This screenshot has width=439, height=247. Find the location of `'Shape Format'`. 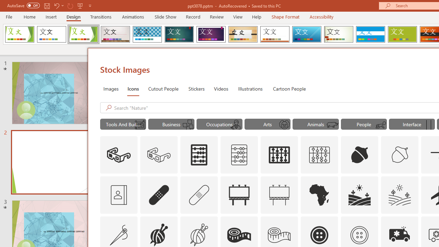

'Shape Format' is located at coordinates (285, 16).